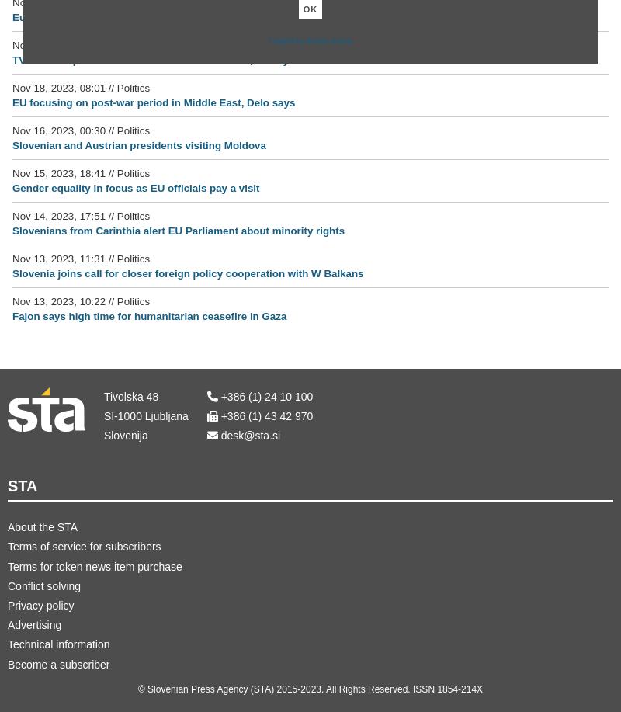 The height and width of the screenshot is (712, 621). What do you see at coordinates (83, 546) in the screenshot?
I see `'Terms of service for subscribers'` at bounding box center [83, 546].